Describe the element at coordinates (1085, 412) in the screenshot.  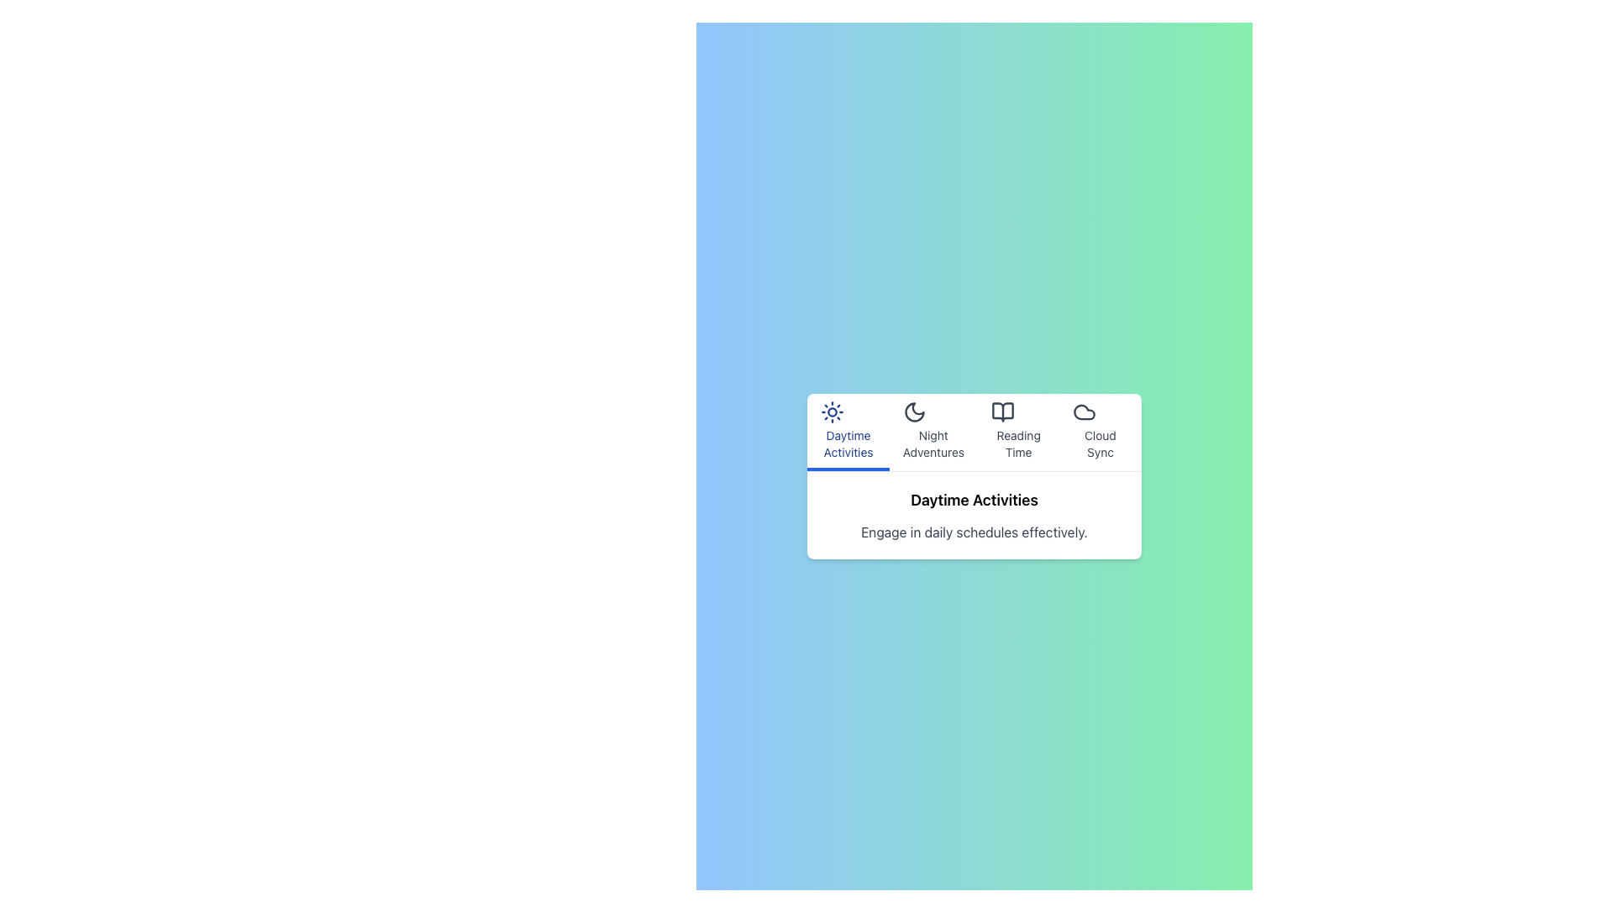
I see `the 'Cloud Sync' SVG Icon, which is the fourth icon in a navigation bar, used for synchronizing data via cloud services` at that location.